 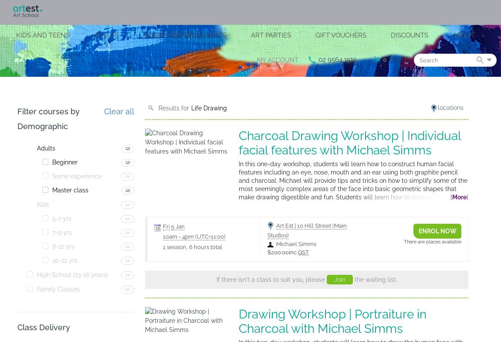 What do you see at coordinates (43, 204) in the screenshot?
I see `'Kids'` at bounding box center [43, 204].